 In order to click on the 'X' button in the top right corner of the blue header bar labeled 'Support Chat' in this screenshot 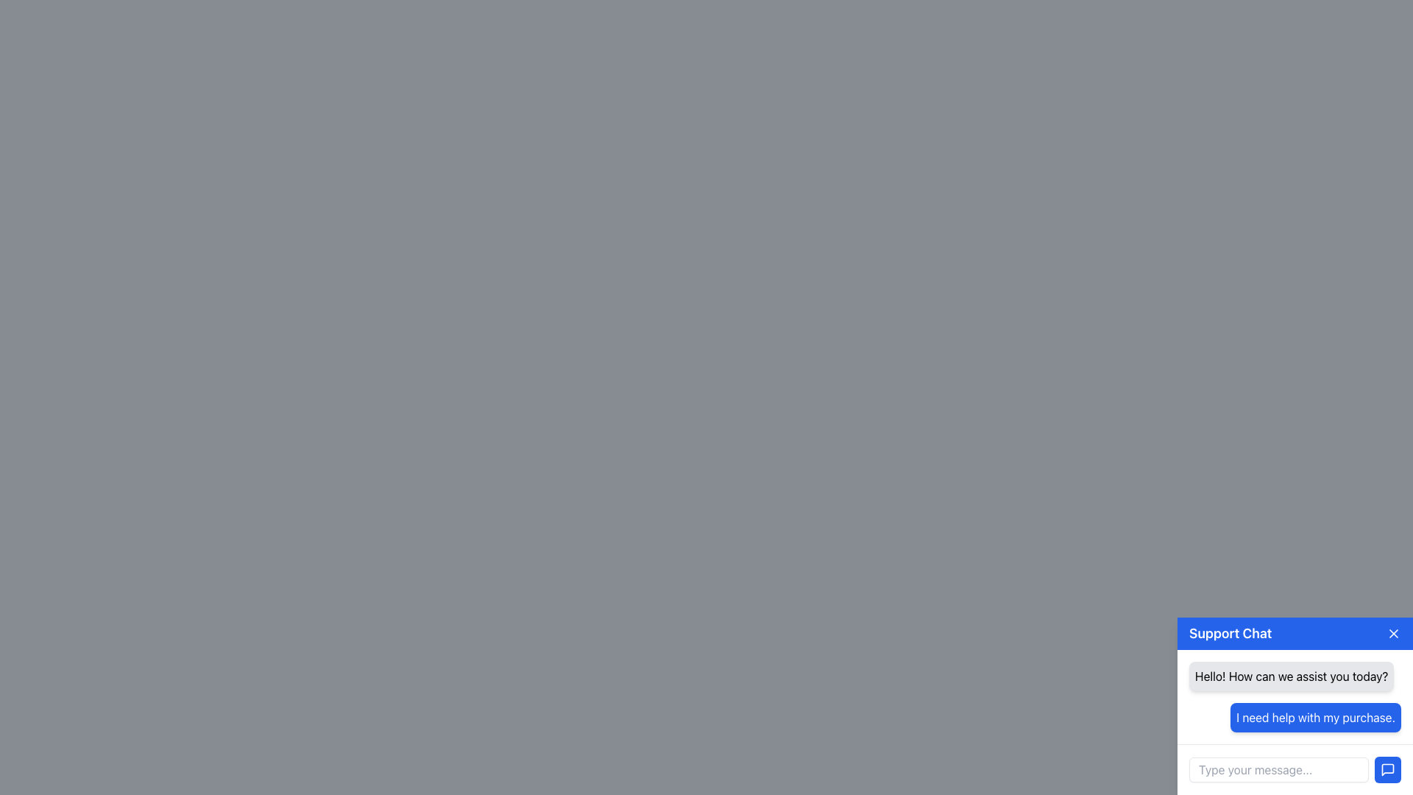, I will do `click(1393, 632)`.